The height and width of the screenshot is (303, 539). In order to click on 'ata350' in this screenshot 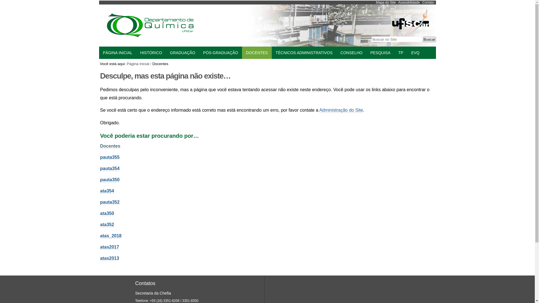, I will do `click(107, 213)`.